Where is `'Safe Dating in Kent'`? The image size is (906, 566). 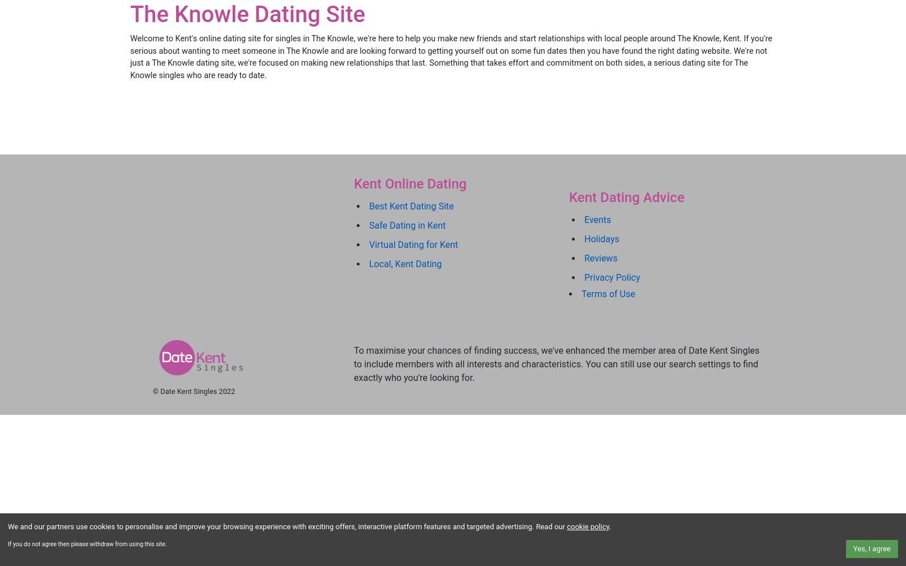 'Safe Dating in Kent' is located at coordinates (407, 225).